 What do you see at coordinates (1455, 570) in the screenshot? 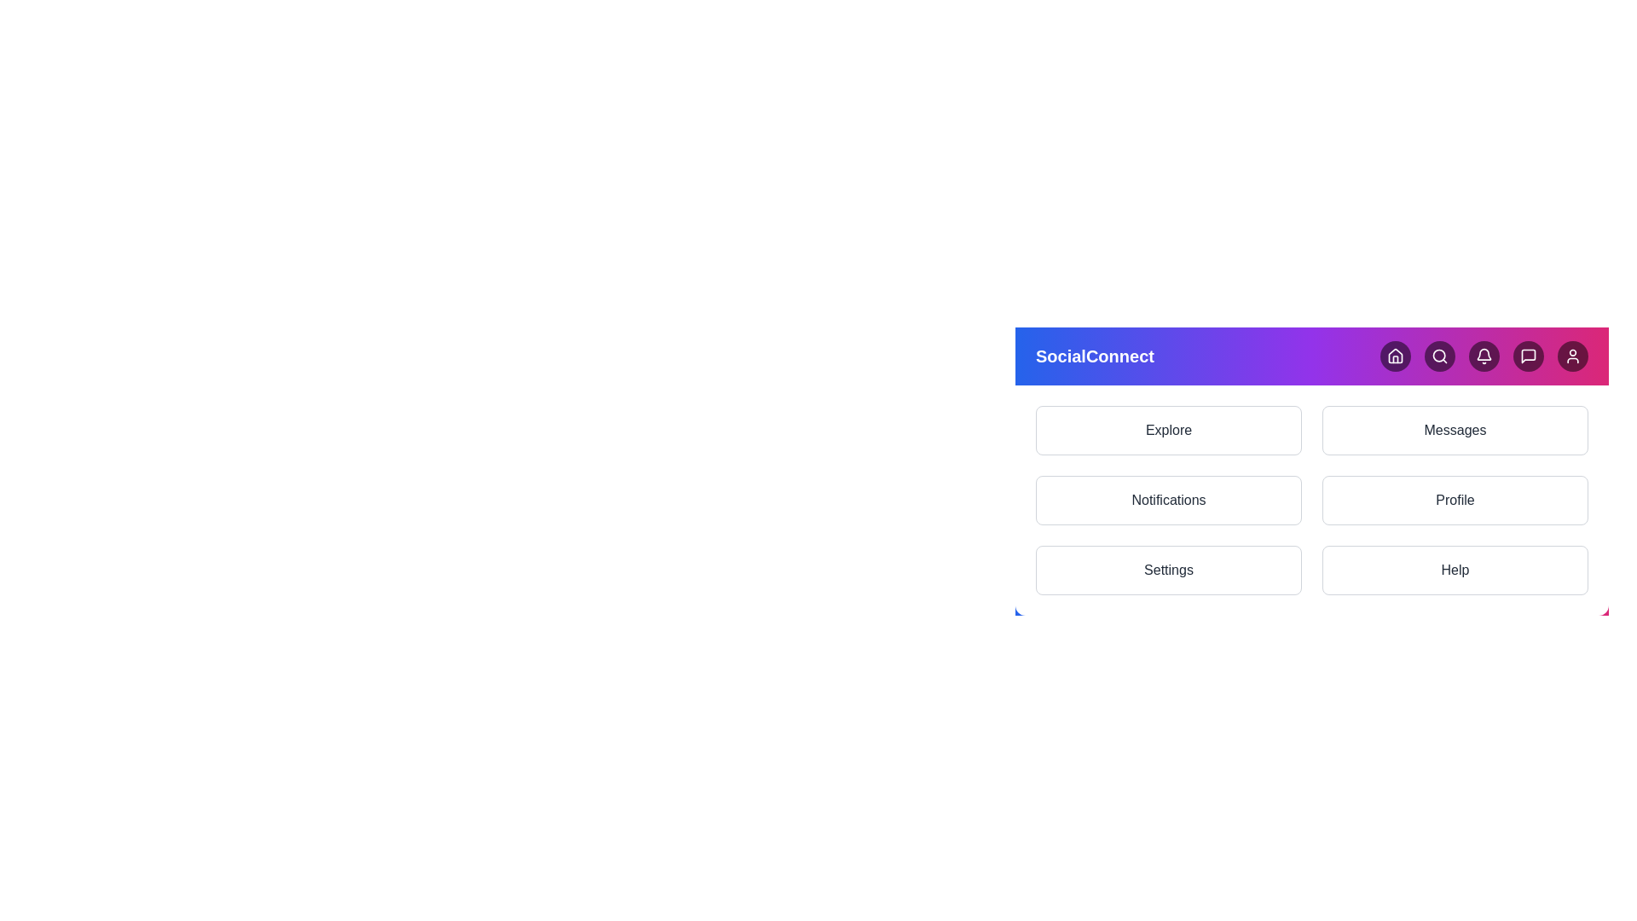
I see `the navigation option labeled Help` at bounding box center [1455, 570].